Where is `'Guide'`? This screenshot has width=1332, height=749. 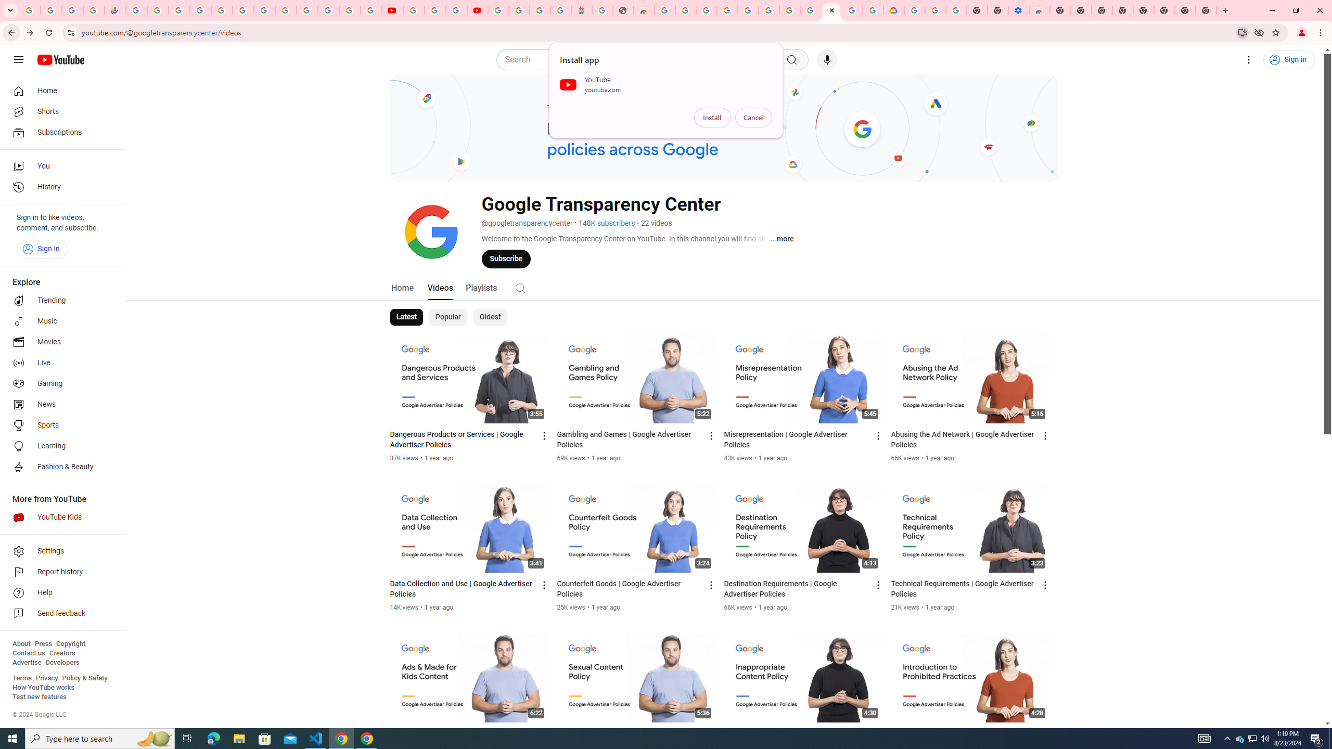
'Guide' is located at coordinates (18, 59).